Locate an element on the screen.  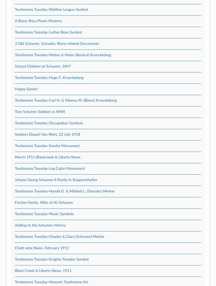
'Tombstone Tuesday-Walther League Symbol' is located at coordinates (51, 9).